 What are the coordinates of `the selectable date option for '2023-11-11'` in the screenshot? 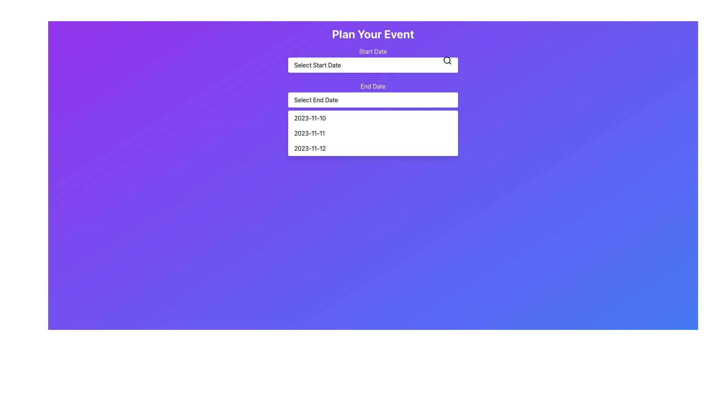 It's located at (373, 133).